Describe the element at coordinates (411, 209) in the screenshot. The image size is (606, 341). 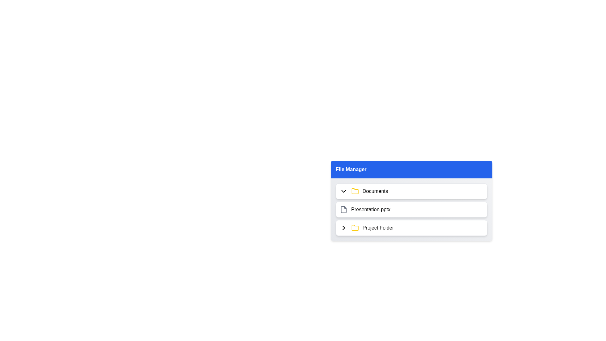
I see `the item Presentation.pptx to observe its hover effect` at that location.